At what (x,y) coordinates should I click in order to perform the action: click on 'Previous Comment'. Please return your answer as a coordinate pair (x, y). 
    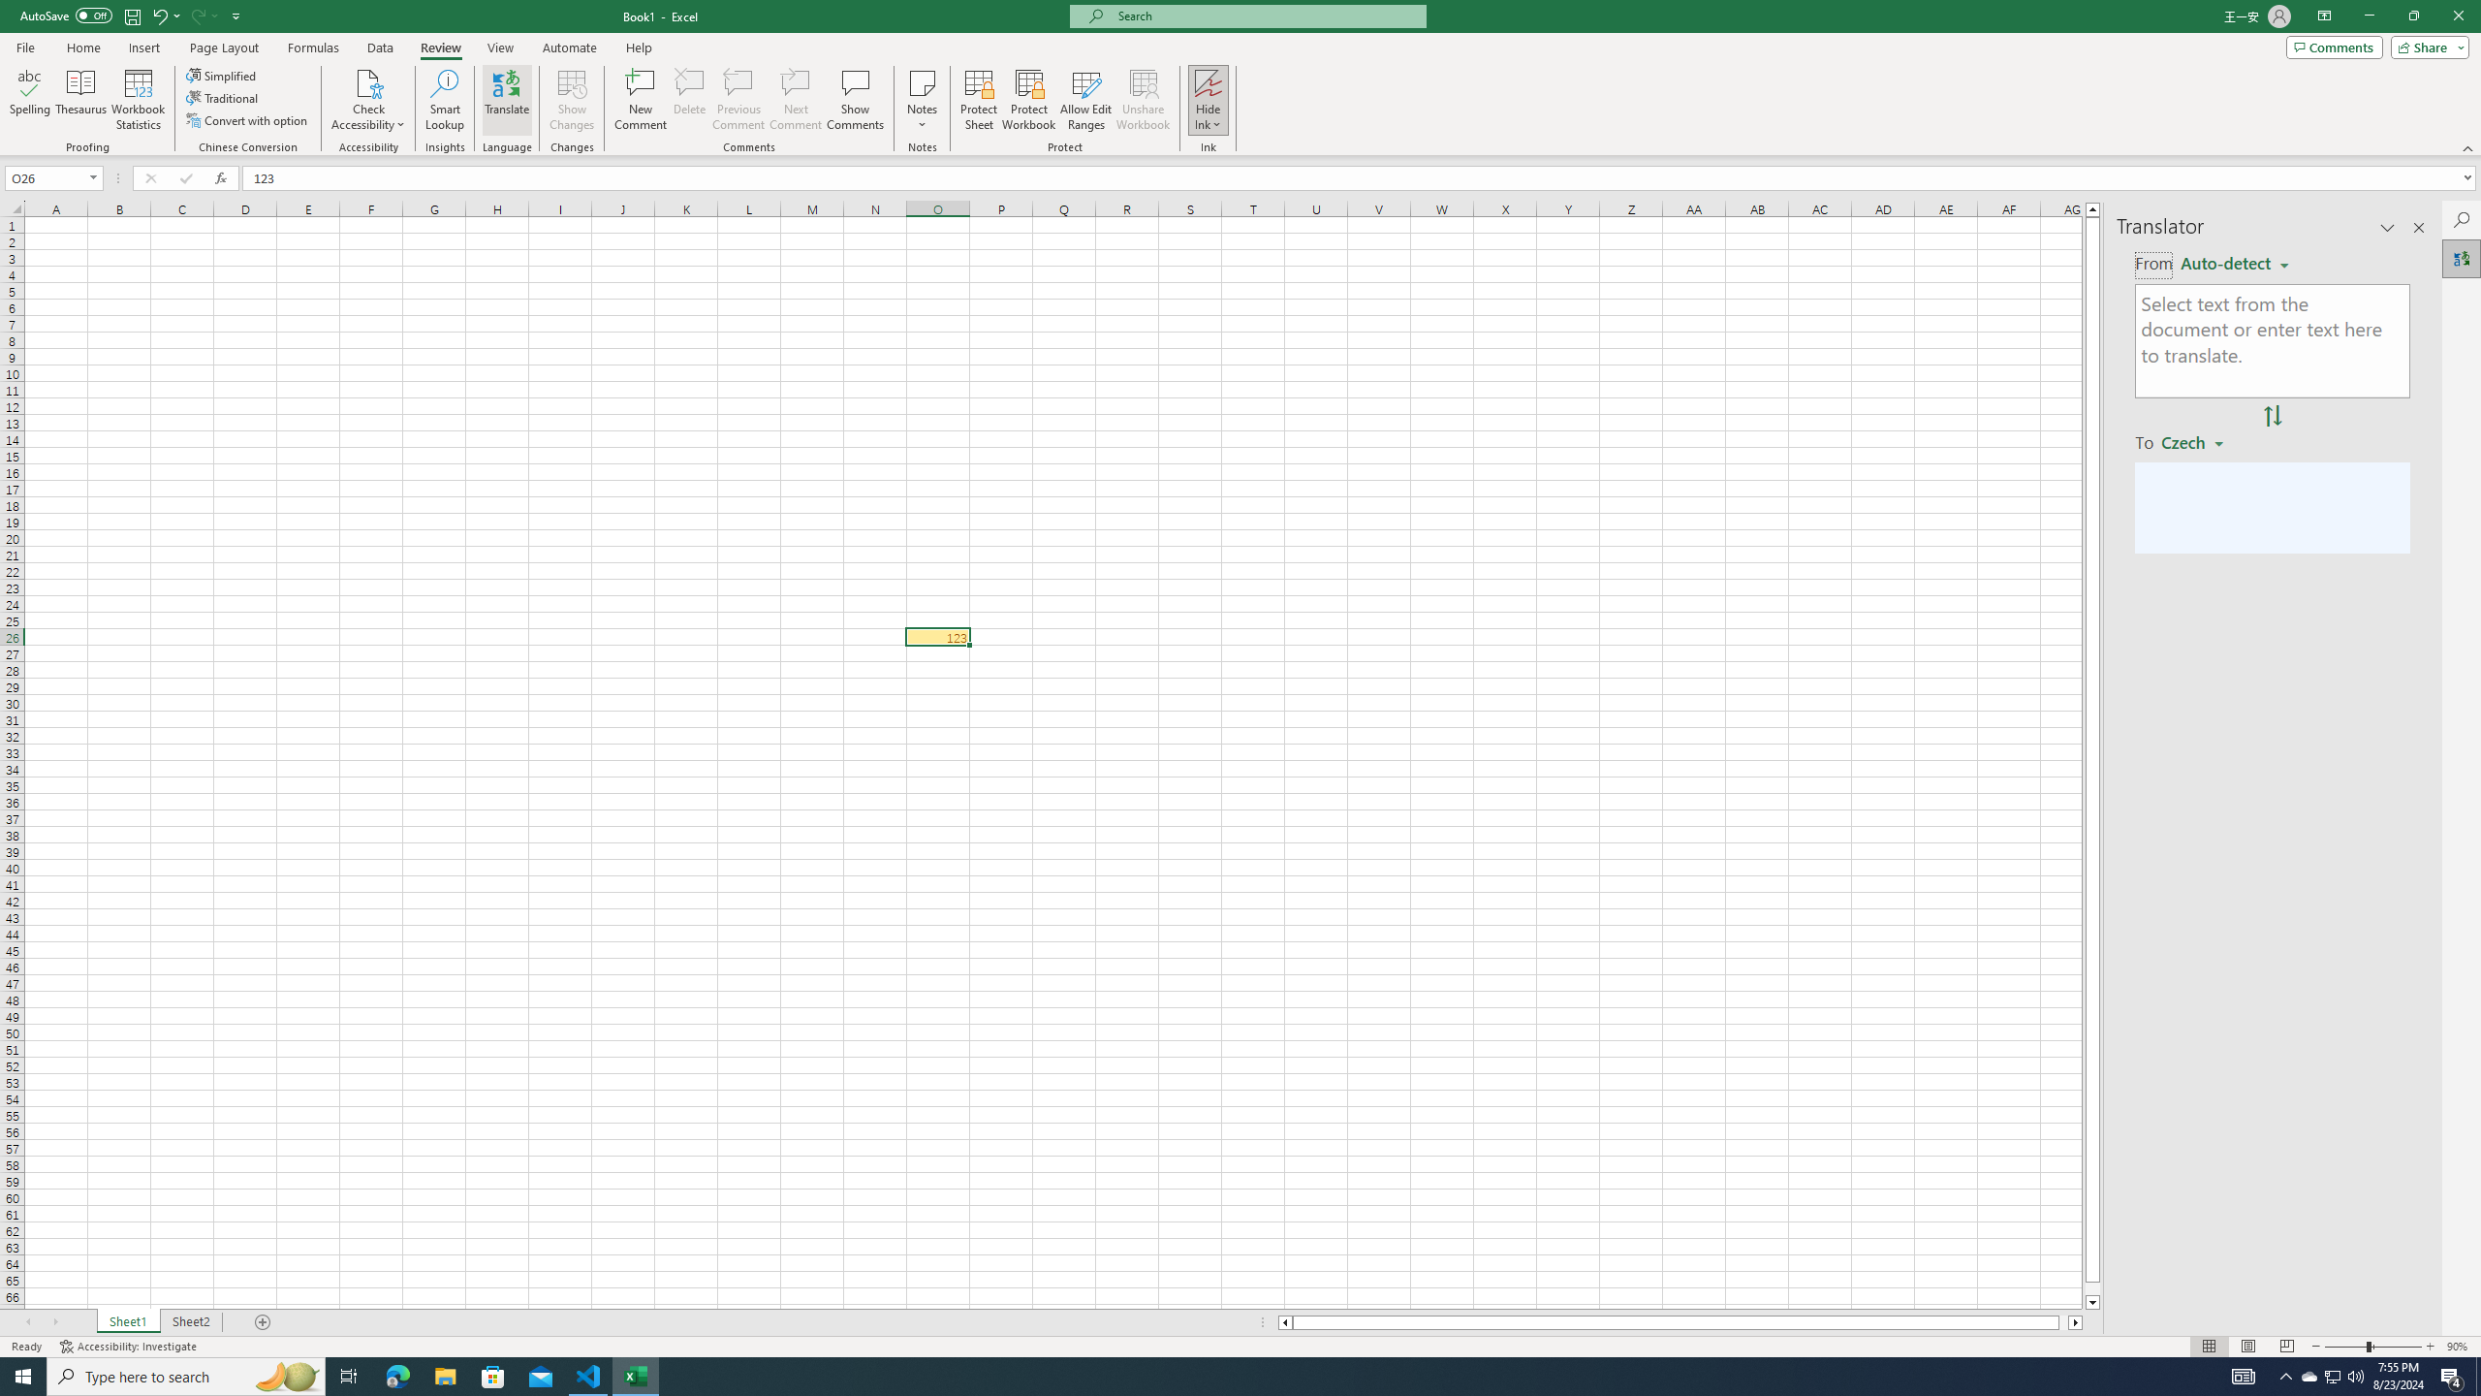
    Looking at the image, I should click on (738, 100).